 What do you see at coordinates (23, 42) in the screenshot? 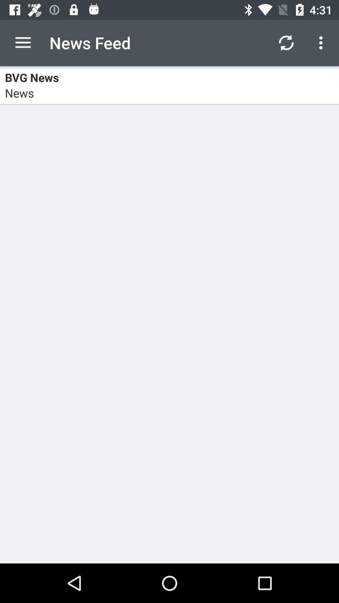
I see `item to the left of the news feed` at bounding box center [23, 42].